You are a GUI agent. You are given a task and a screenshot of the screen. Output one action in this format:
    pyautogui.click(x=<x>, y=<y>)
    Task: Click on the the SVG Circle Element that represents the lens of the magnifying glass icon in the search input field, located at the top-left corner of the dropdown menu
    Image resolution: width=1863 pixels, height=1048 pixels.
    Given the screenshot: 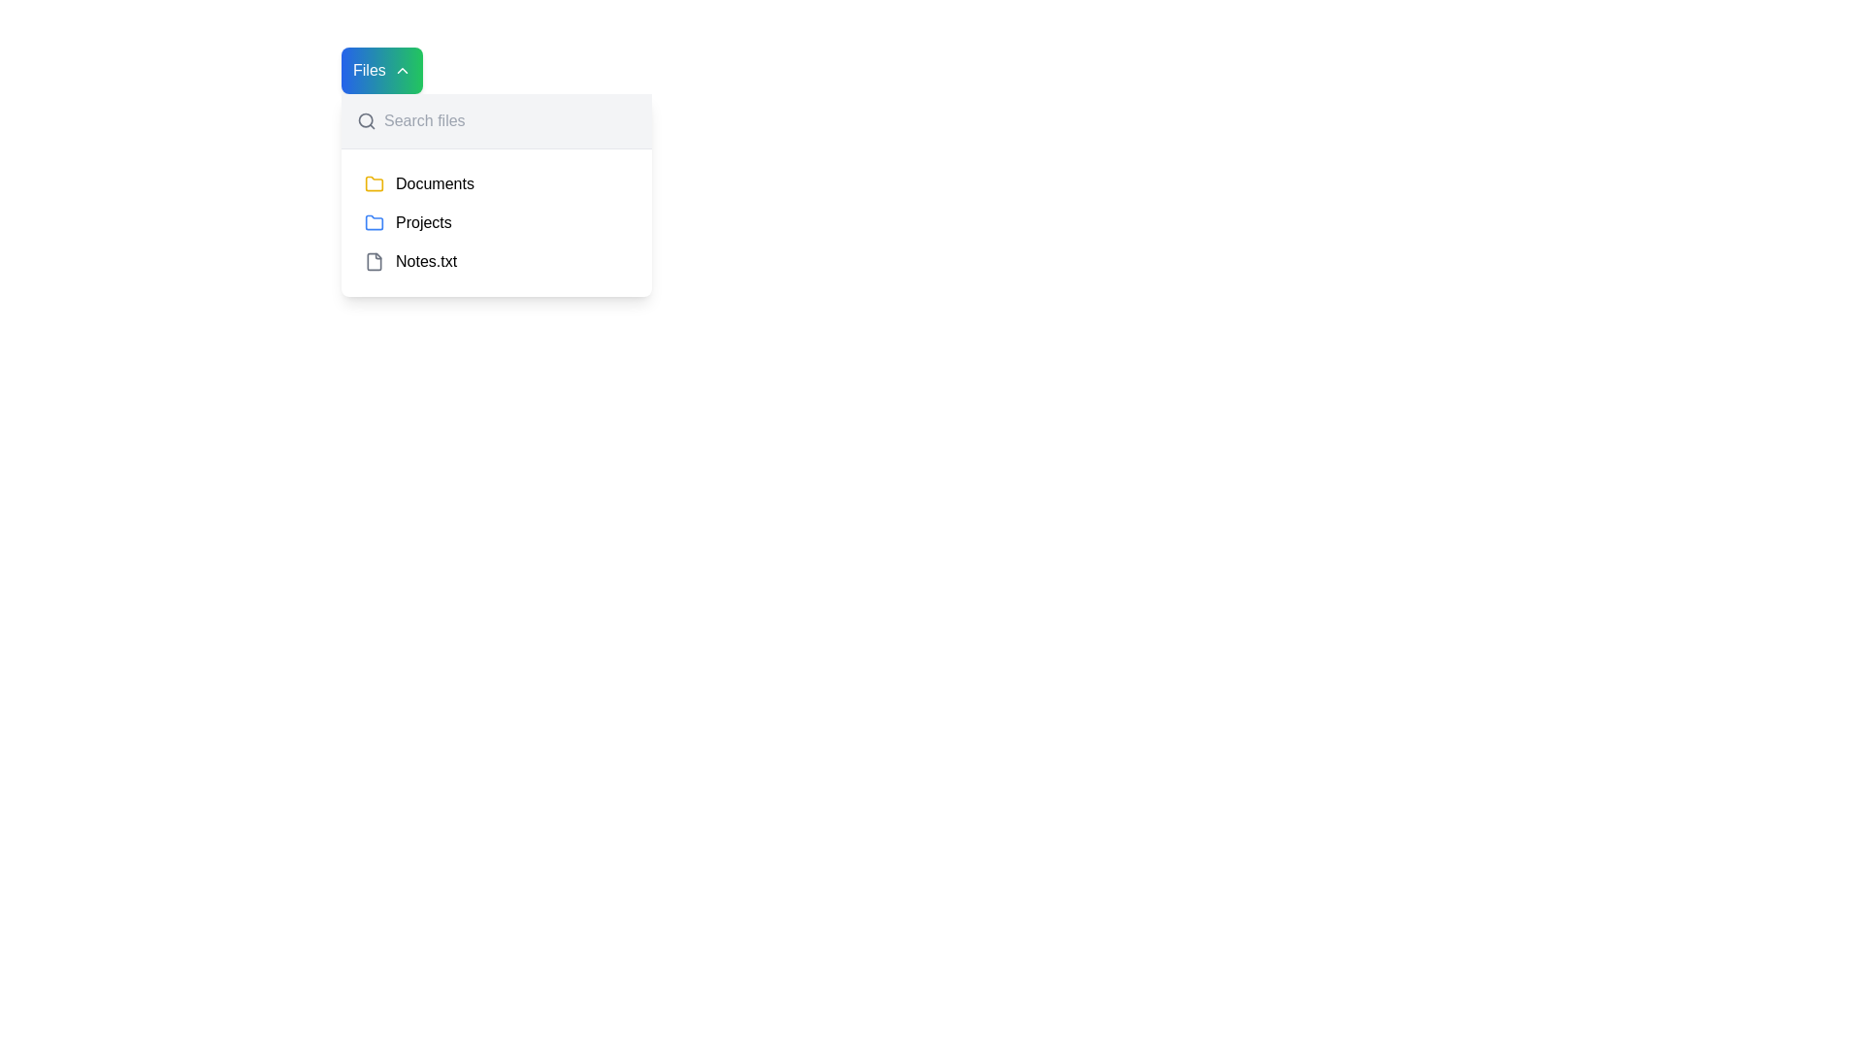 What is the action you would take?
    pyautogui.click(x=366, y=120)
    